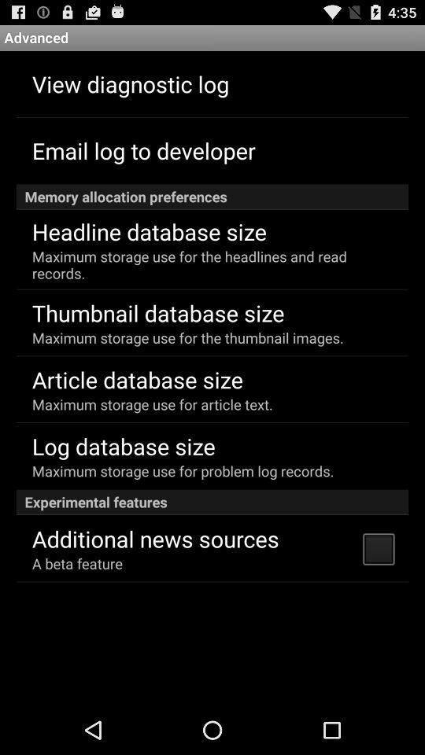 This screenshot has width=425, height=755. What do you see at coordinates (377, 548) in the screenshot?
I see `the icon at the bottom right corner` at bounding box center [377, 548].